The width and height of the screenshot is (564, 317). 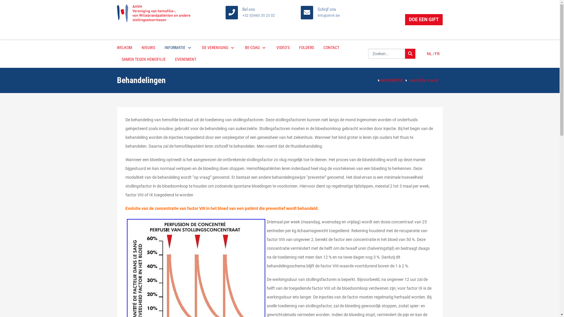 I want to click on 'info@ahvh.be', so click(x=328, y=15).